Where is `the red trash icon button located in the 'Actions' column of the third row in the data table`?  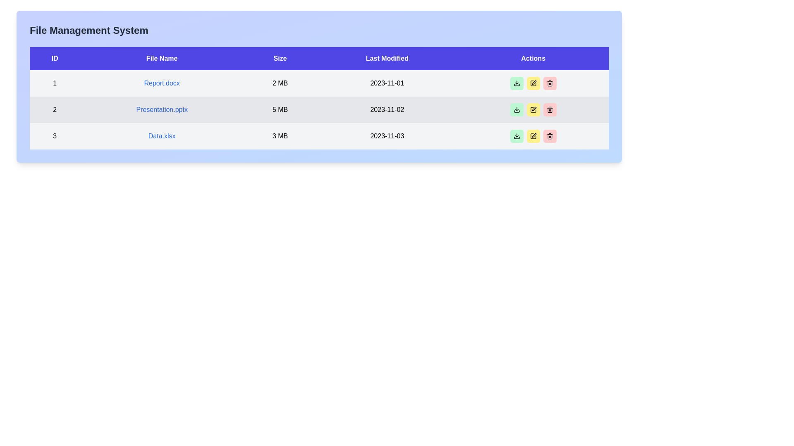
the red trash icon button located in the 'Actions' column of the third row in the data table is located at coordinates (550, 83).